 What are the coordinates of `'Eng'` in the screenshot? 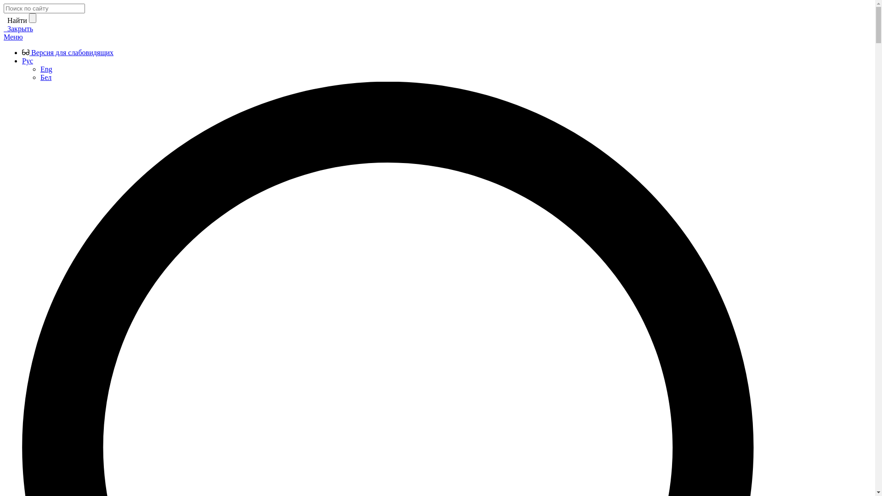 It's located at (40, 68).